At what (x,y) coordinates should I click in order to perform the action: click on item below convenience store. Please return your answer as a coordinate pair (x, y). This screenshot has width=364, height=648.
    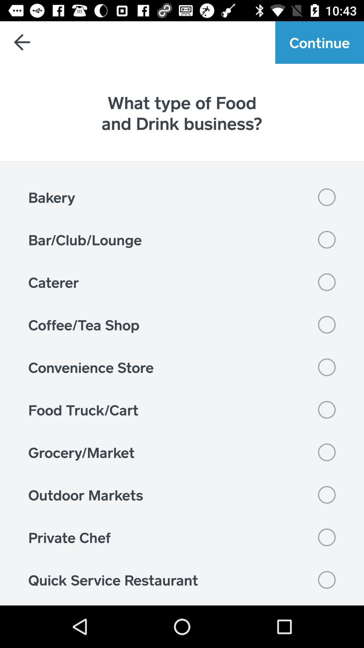
    Looking at the image, I should click on (182, 409).